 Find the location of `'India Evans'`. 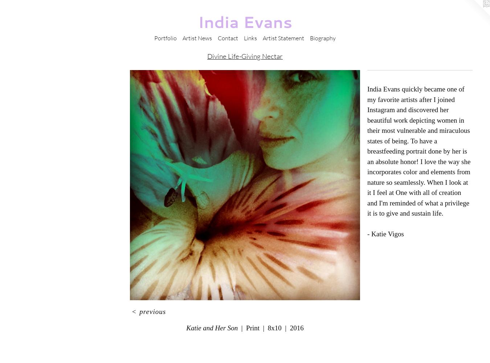

'India Evans' is located at coordinates (197, 22).